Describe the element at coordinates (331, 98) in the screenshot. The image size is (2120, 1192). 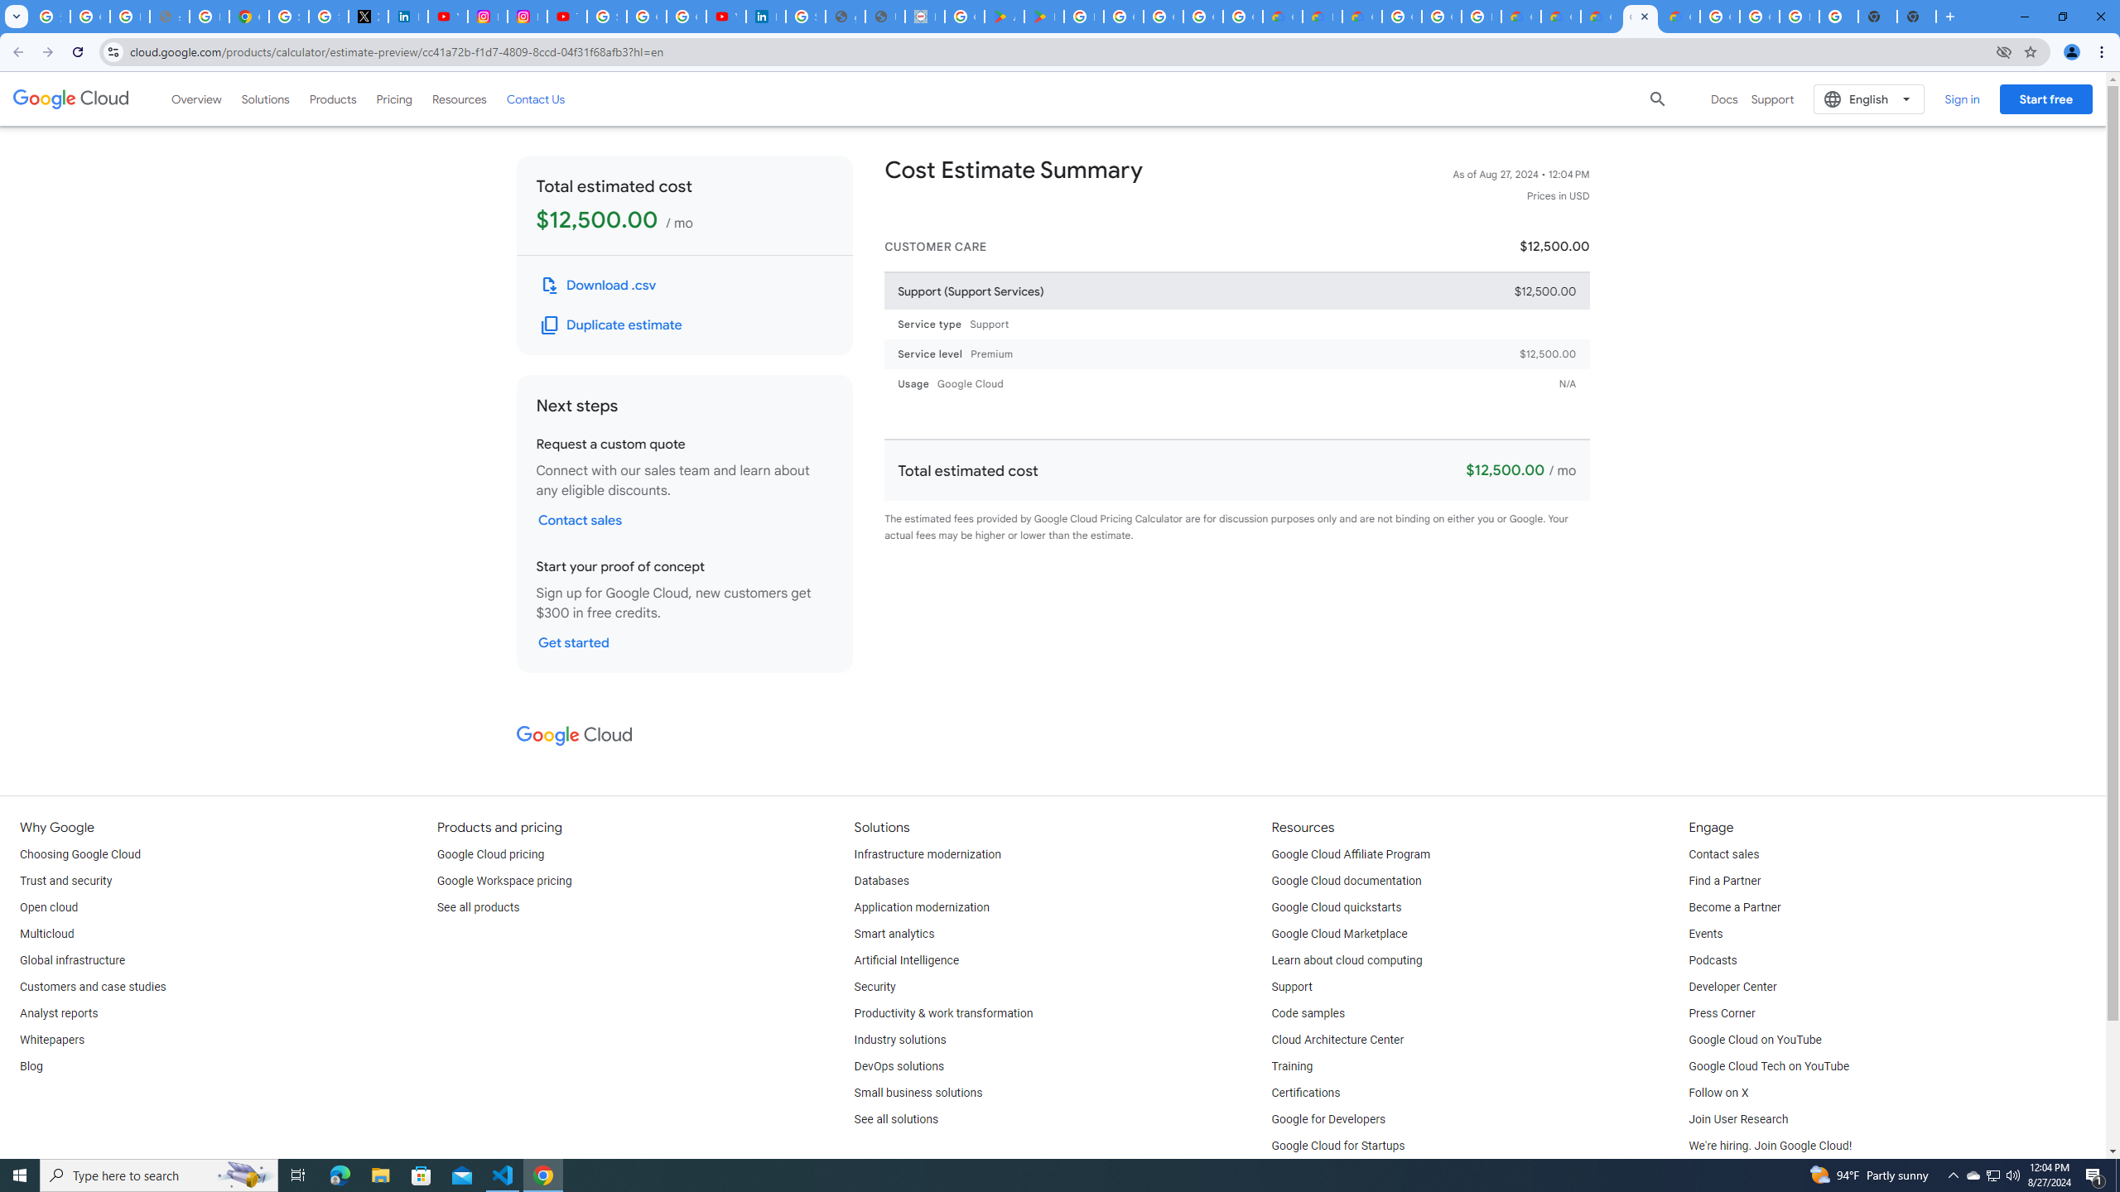
I see `'Products'` at that location.